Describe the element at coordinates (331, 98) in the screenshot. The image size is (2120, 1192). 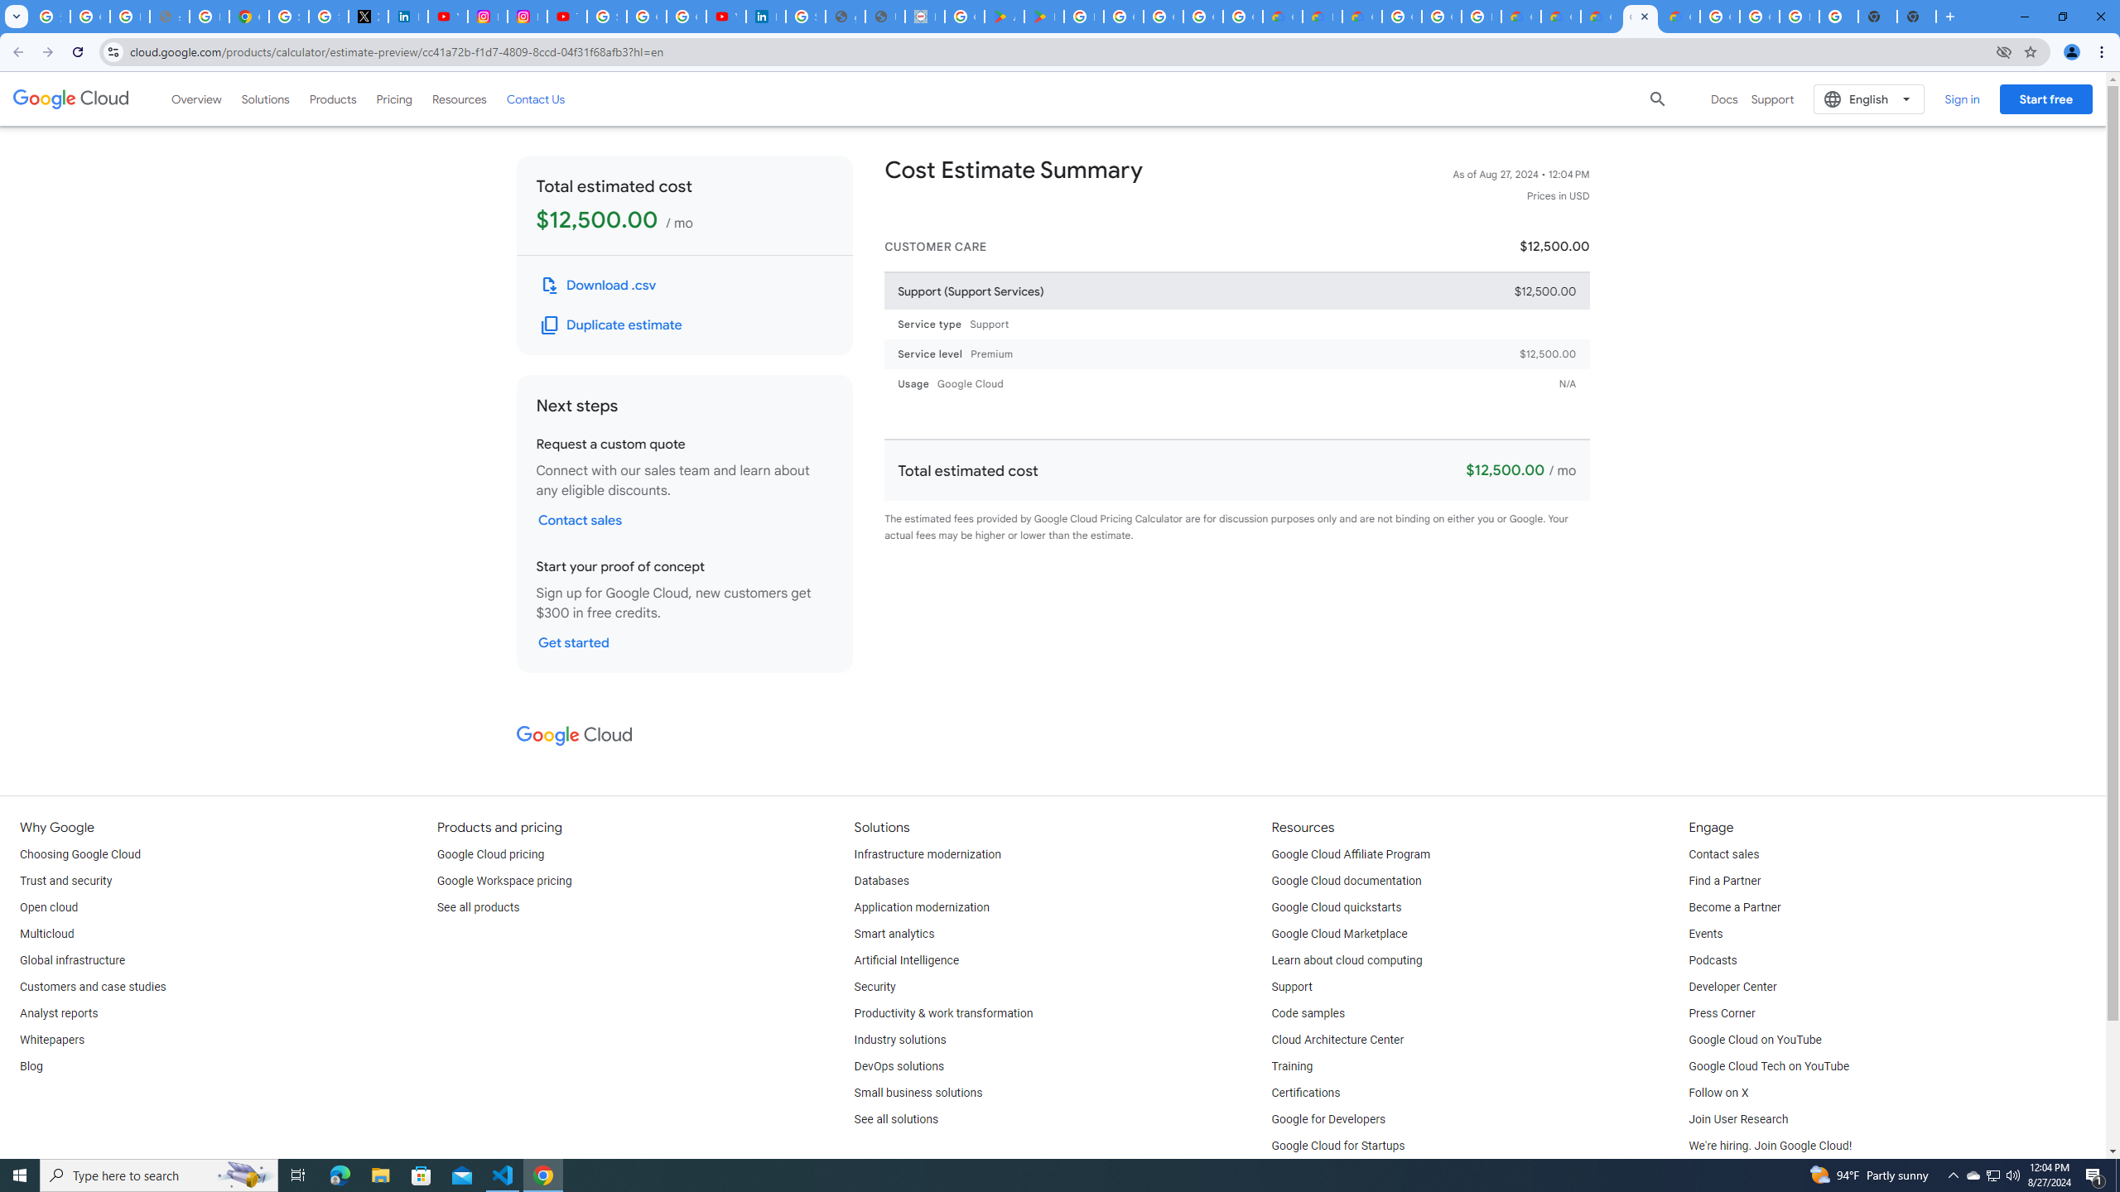
I see `'Products'` at that location.